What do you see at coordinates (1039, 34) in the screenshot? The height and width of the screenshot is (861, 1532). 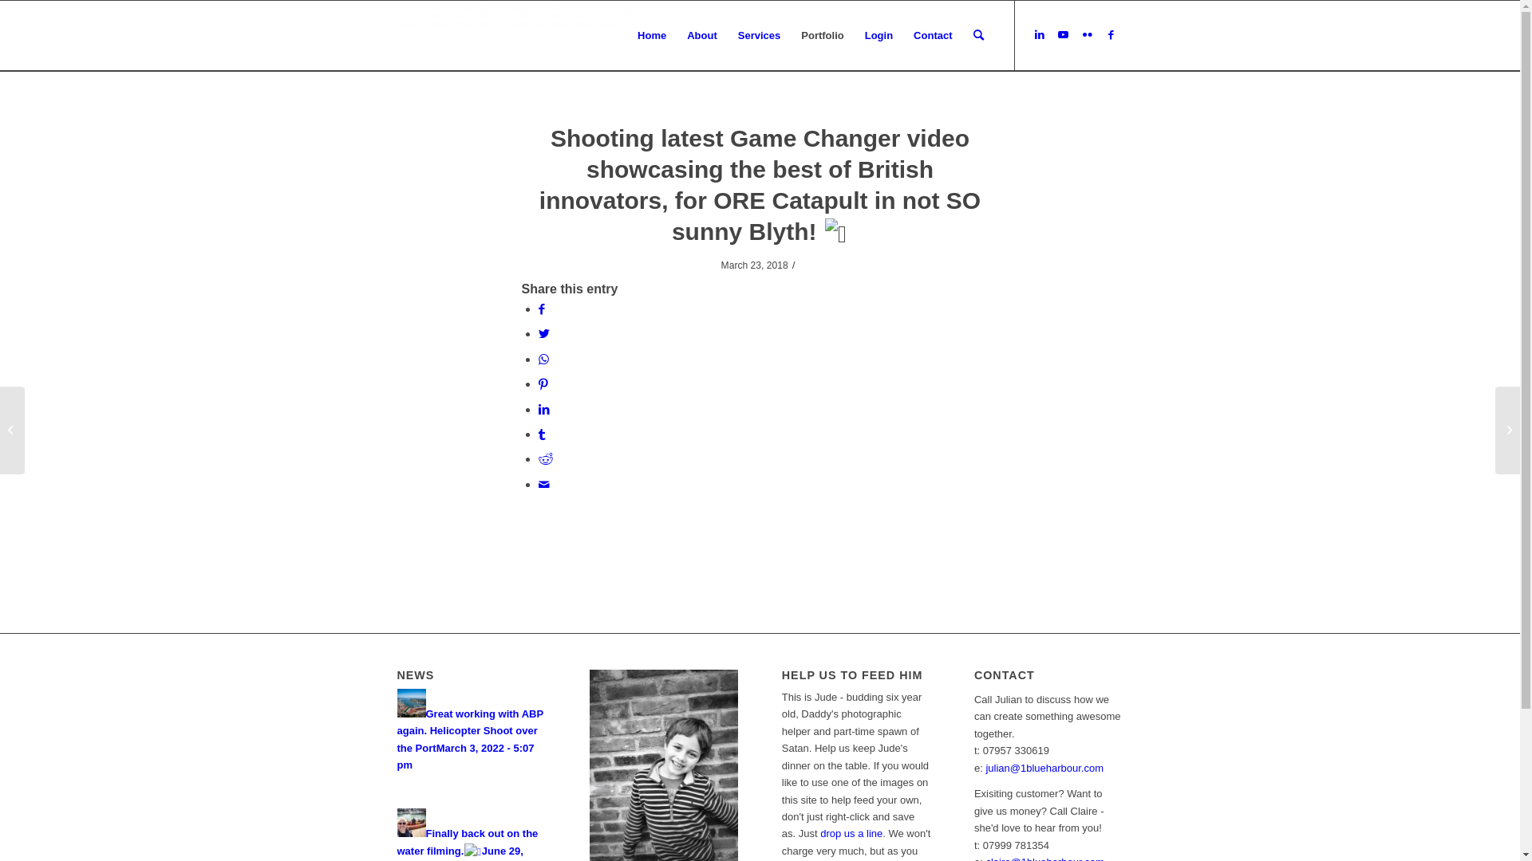 I see `'LinkedIn'` at bounding box center [1039, 34].